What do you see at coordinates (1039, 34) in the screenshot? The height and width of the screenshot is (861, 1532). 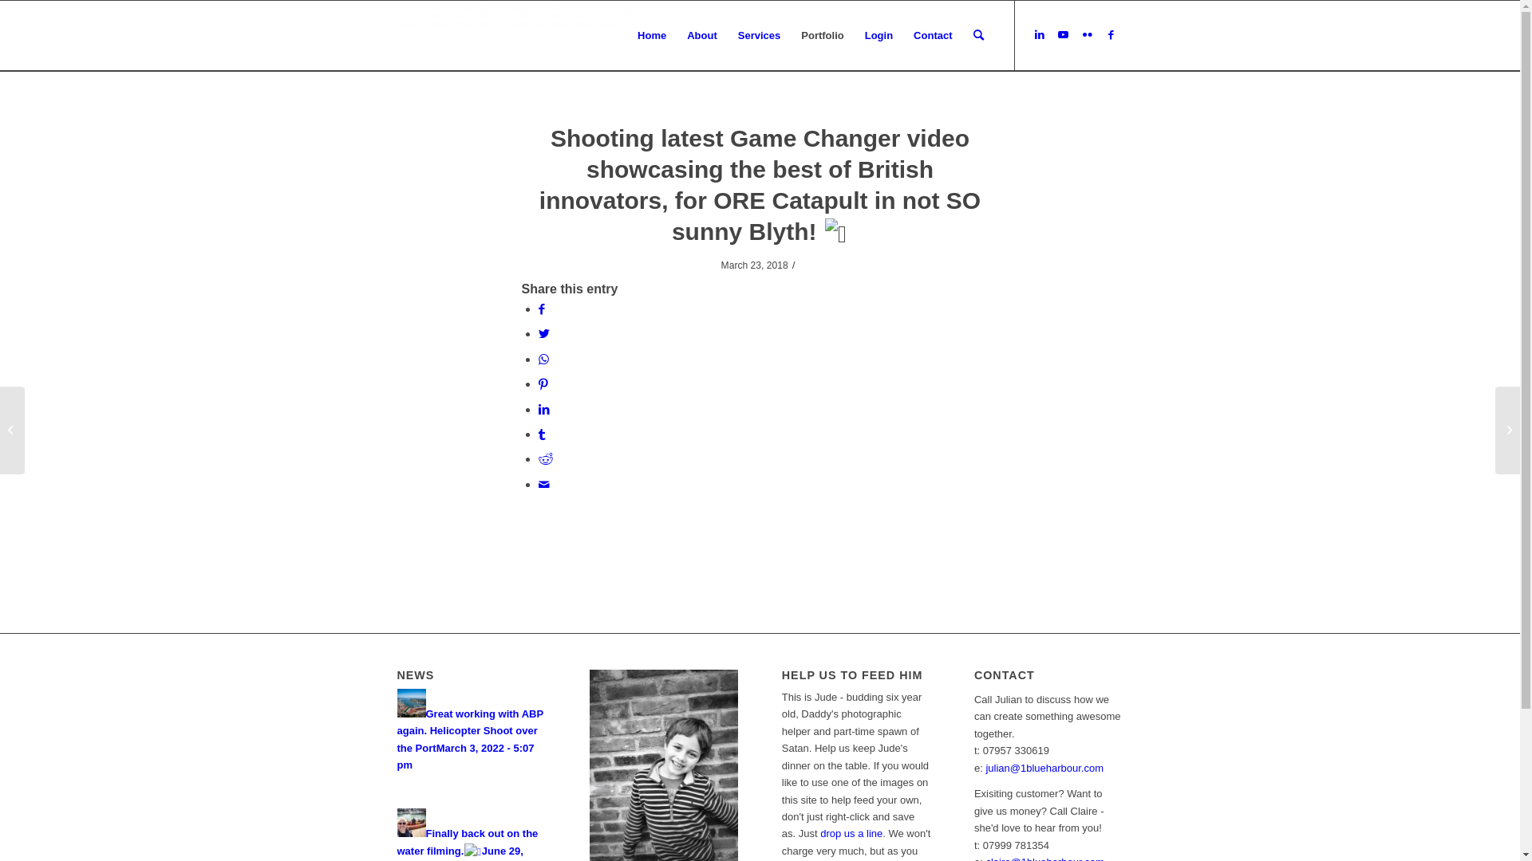 I see `'LinkedIn'` at bounding box center [1039, 34].